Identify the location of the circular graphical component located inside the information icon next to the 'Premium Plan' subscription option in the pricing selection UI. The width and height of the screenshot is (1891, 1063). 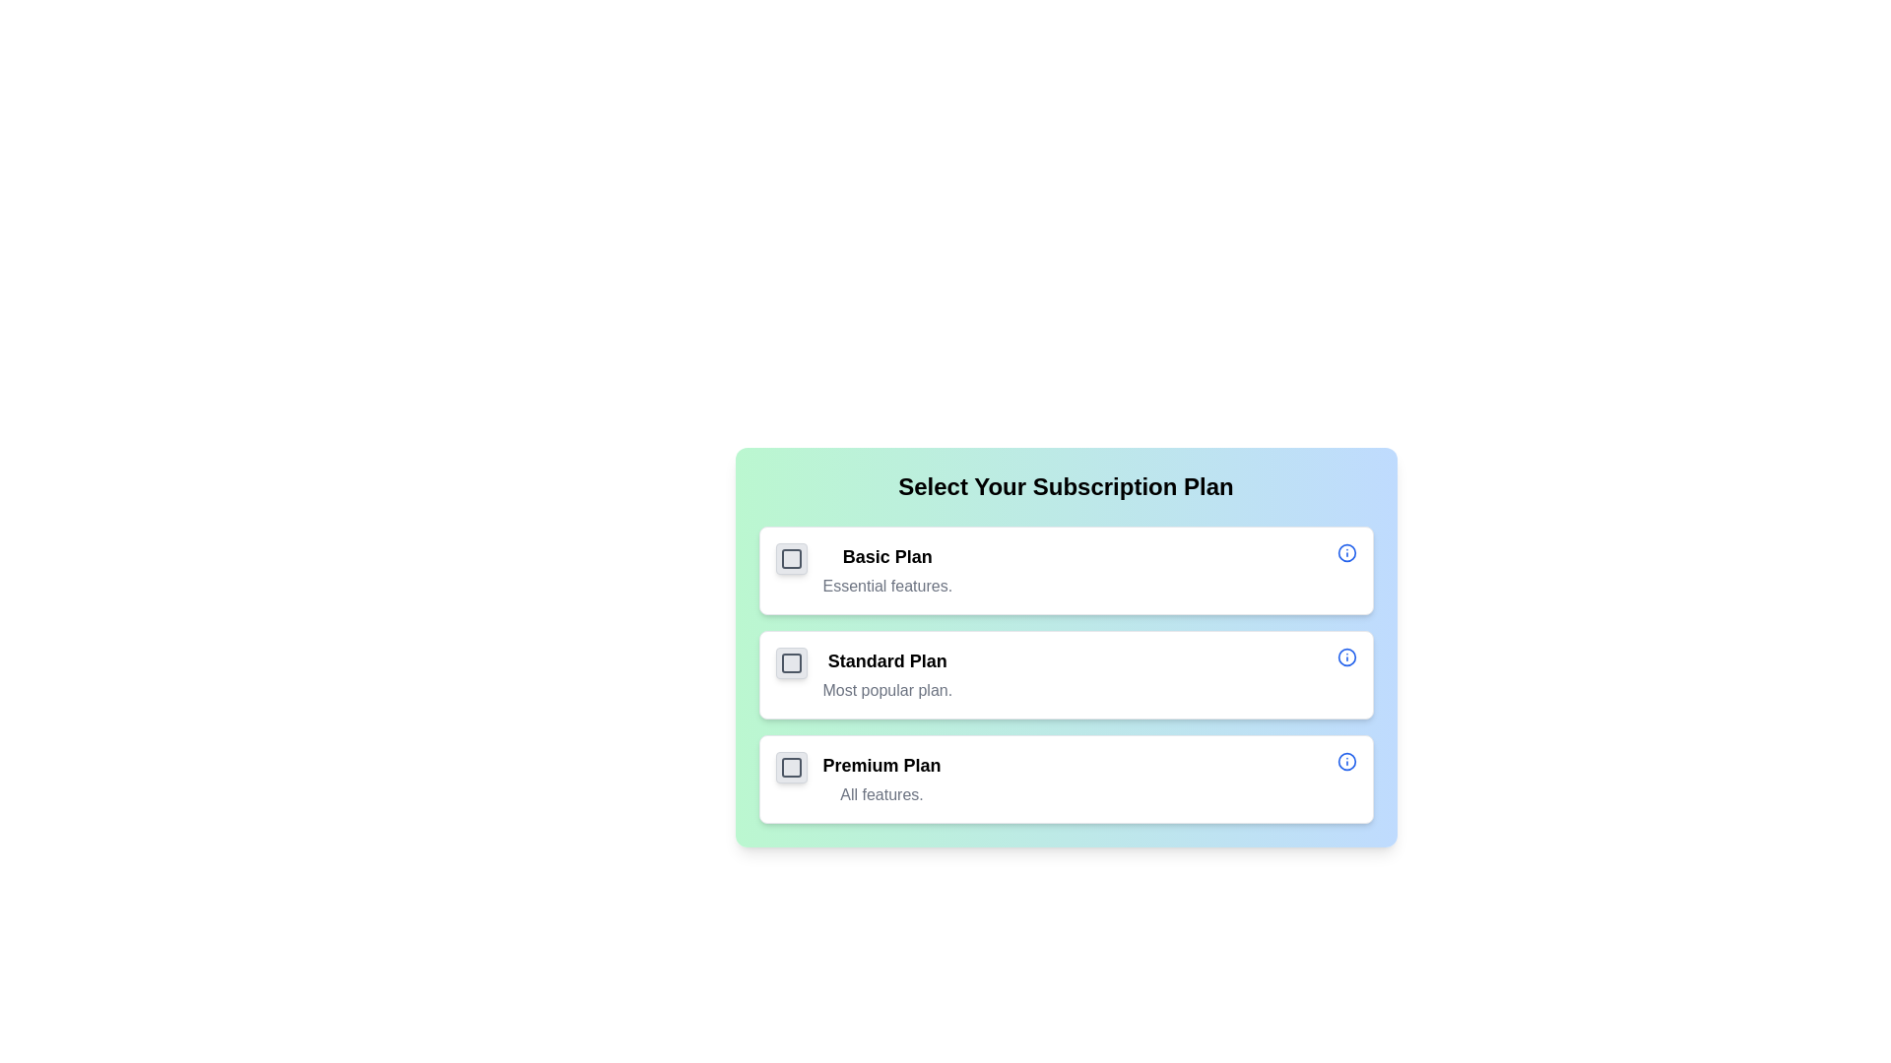
(1345, 761).